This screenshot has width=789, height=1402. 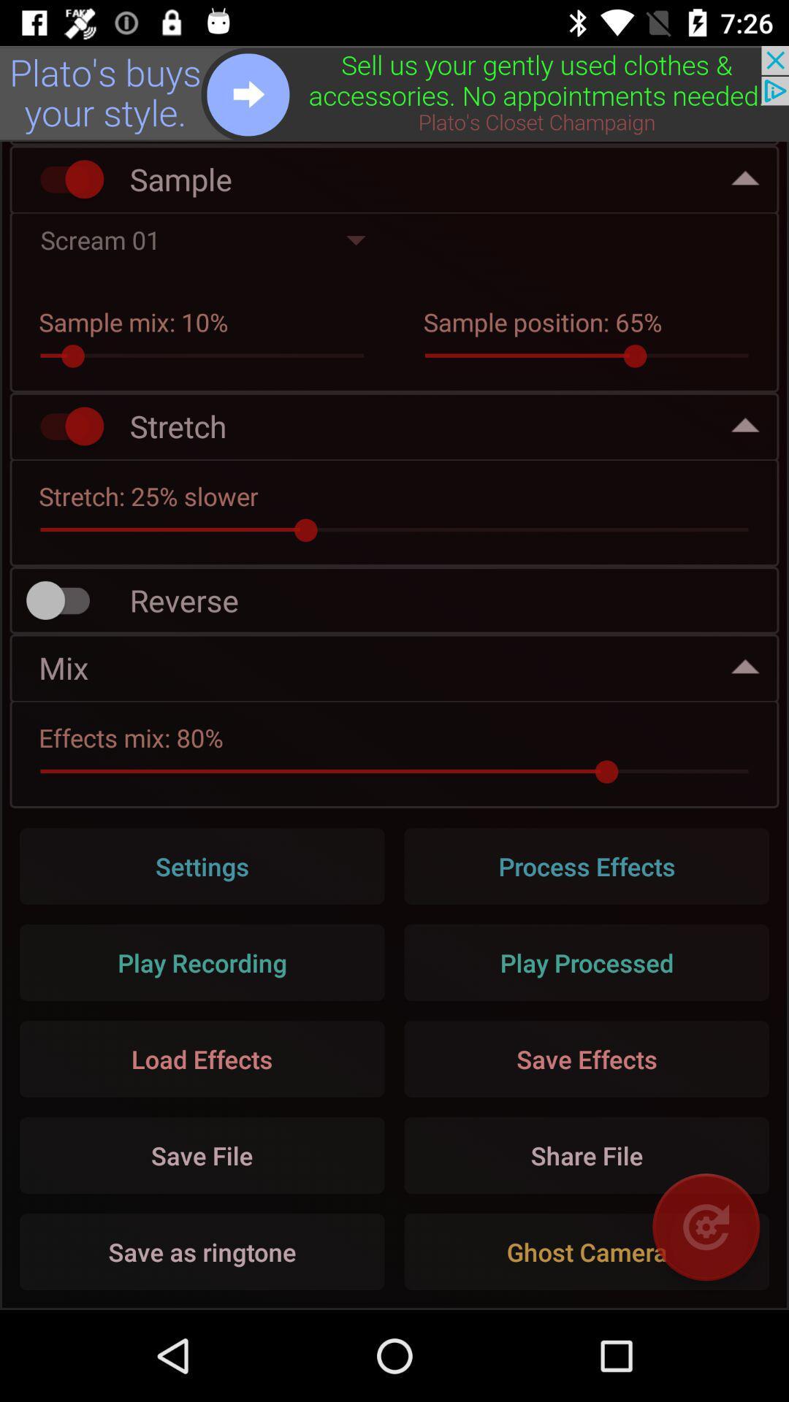 I want to click on open the advertisement link, so click(x=394, y=93).